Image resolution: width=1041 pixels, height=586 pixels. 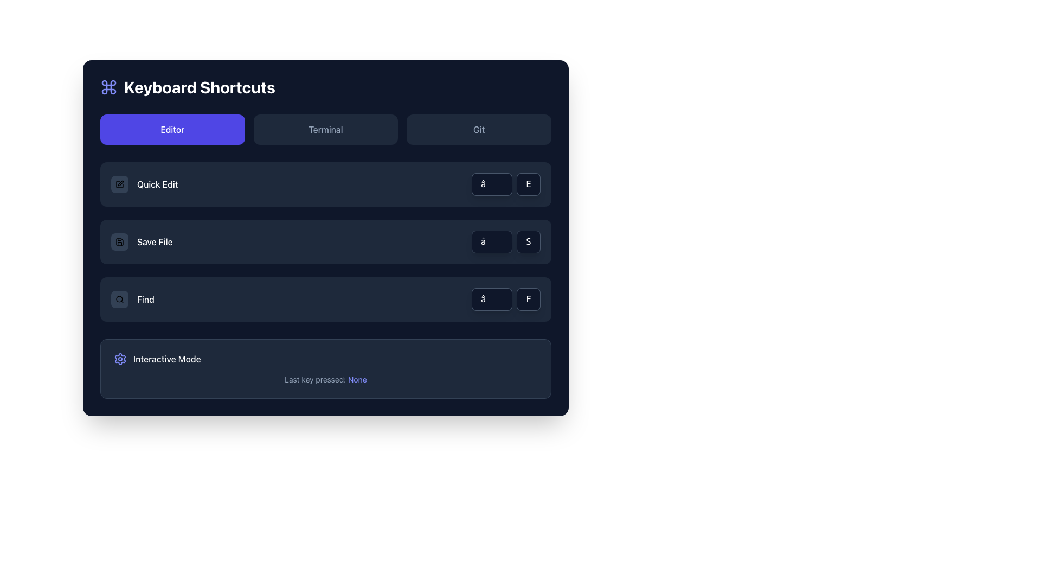 I want to click on the text label displaying 'git', which is styled with a medium weight, capitalized font, located within a button-like component with a dark background and rounded corners, so click(x=478, y=129).